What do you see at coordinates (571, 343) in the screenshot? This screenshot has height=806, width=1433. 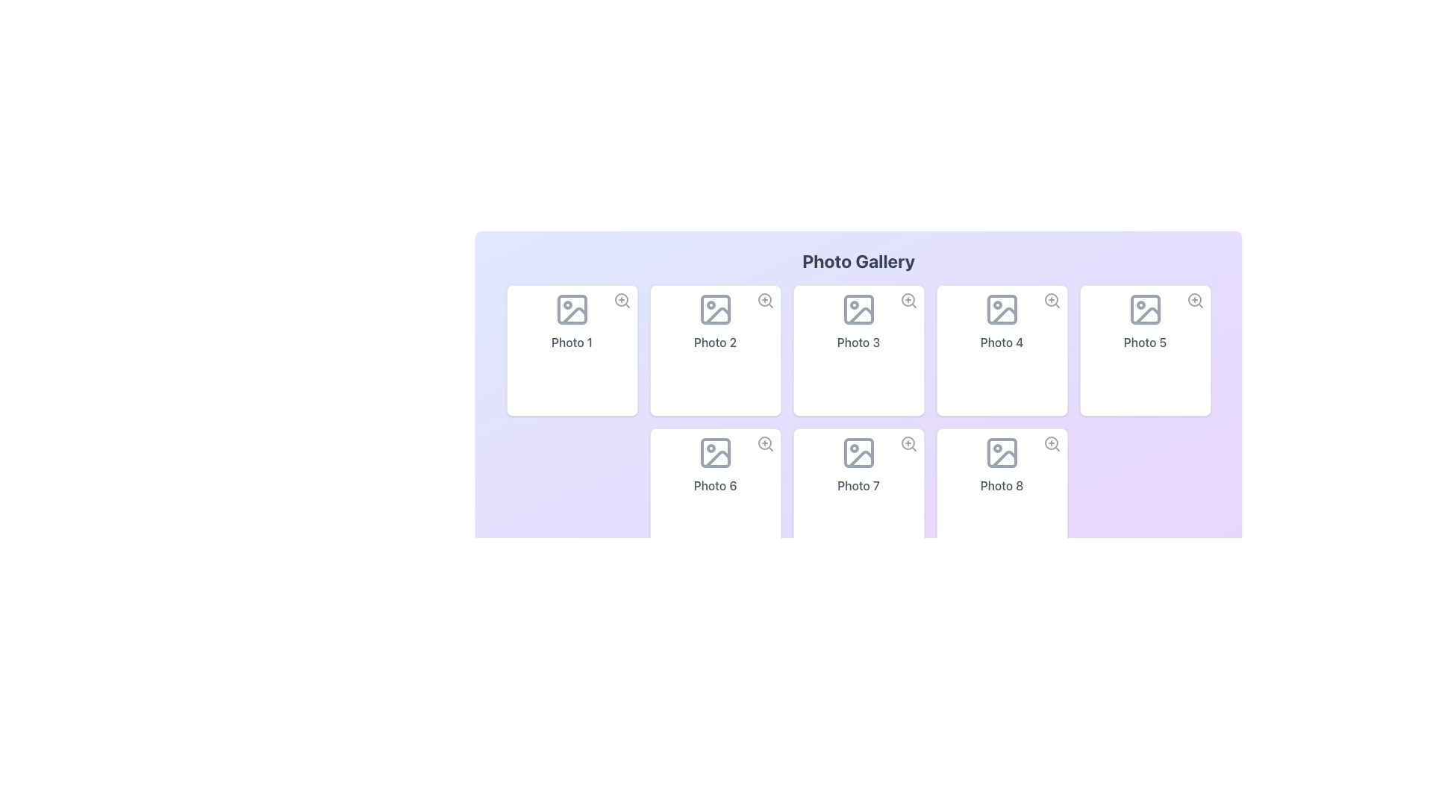 I see `the text label that describes the content of the first photo card in the gallery, located at the bottom of the card underneath the image and magnifying glass icons` at bounding box center [571, 343].